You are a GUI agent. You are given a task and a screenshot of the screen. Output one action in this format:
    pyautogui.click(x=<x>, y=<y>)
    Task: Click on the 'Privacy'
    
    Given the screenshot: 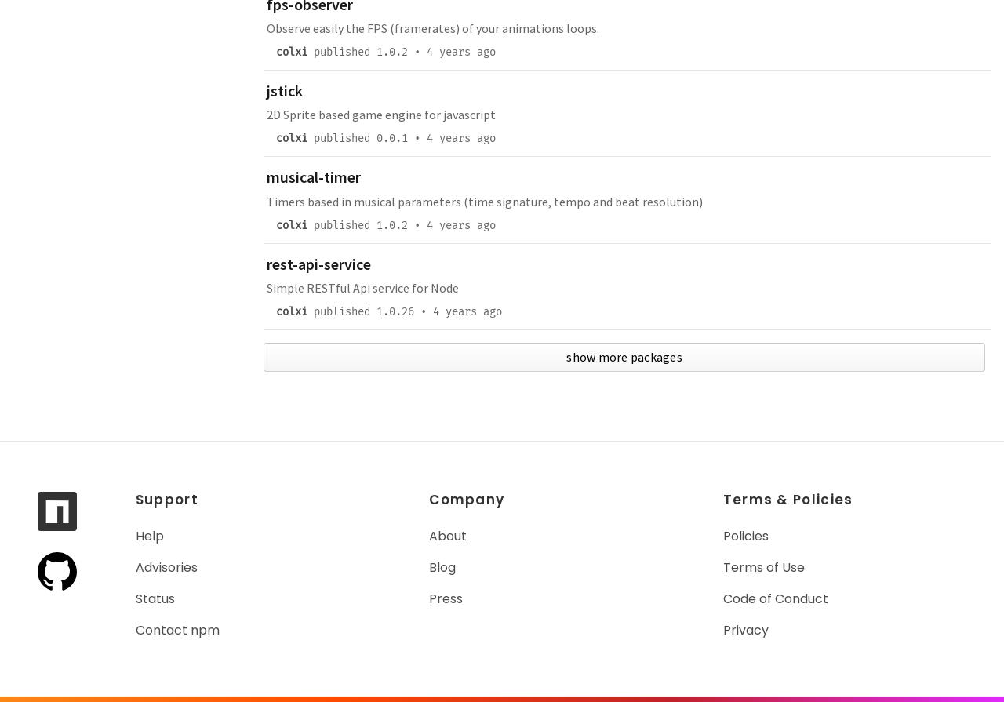 What is the action you would take?
    pyautogui.click(x=744, y=629)
    